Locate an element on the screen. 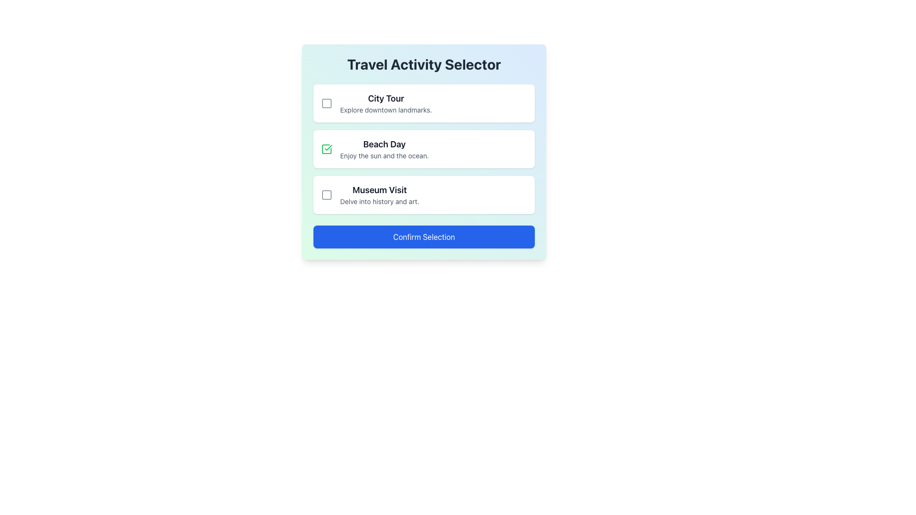 Image resolution: width=916 pixels, height=515 pixels. the static text element that serves as the title for the museum visit option, located in the third option box beneath 'Beach Day' is located at coordinates (379, 190).